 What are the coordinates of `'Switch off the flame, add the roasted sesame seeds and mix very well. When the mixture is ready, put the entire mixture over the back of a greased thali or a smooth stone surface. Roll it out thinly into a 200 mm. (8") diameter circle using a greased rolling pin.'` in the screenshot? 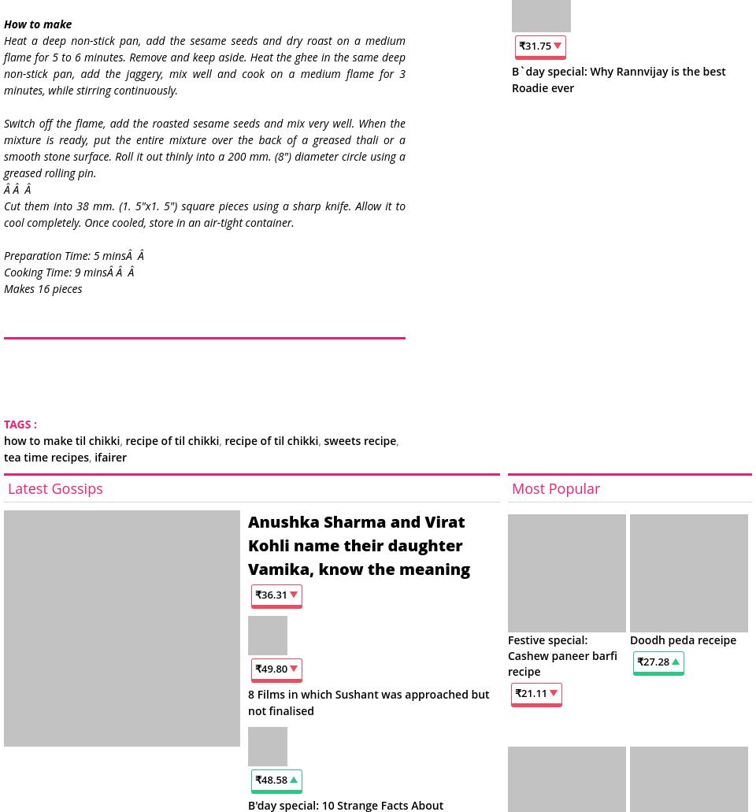 It's located at (203, 146).